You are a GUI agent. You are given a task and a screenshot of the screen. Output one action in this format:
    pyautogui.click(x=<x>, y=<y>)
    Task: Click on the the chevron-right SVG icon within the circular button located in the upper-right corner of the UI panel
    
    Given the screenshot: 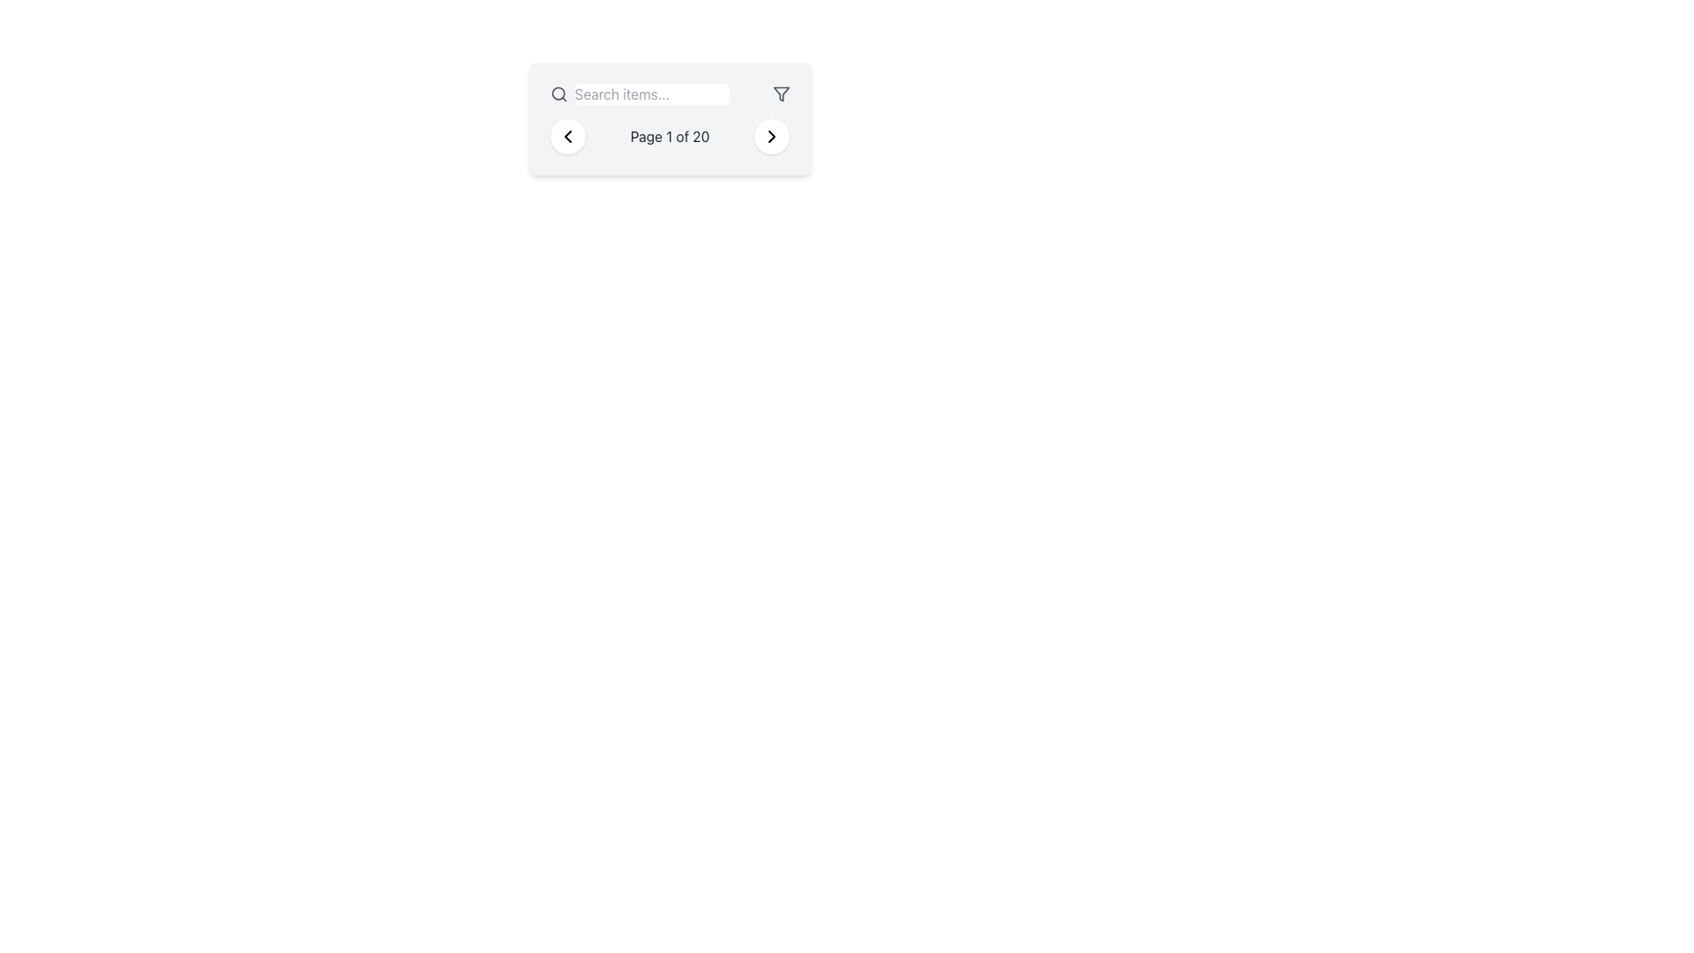 What is the action you would take?
    pyautogui.click(x=772, y=135)
    